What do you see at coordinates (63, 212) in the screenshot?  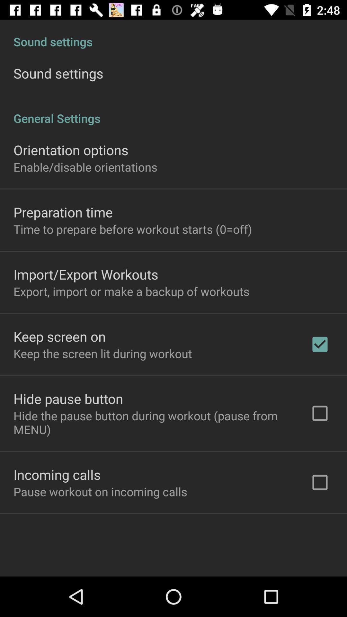 I see `the preparation time item` at bounding box center [63, 212].